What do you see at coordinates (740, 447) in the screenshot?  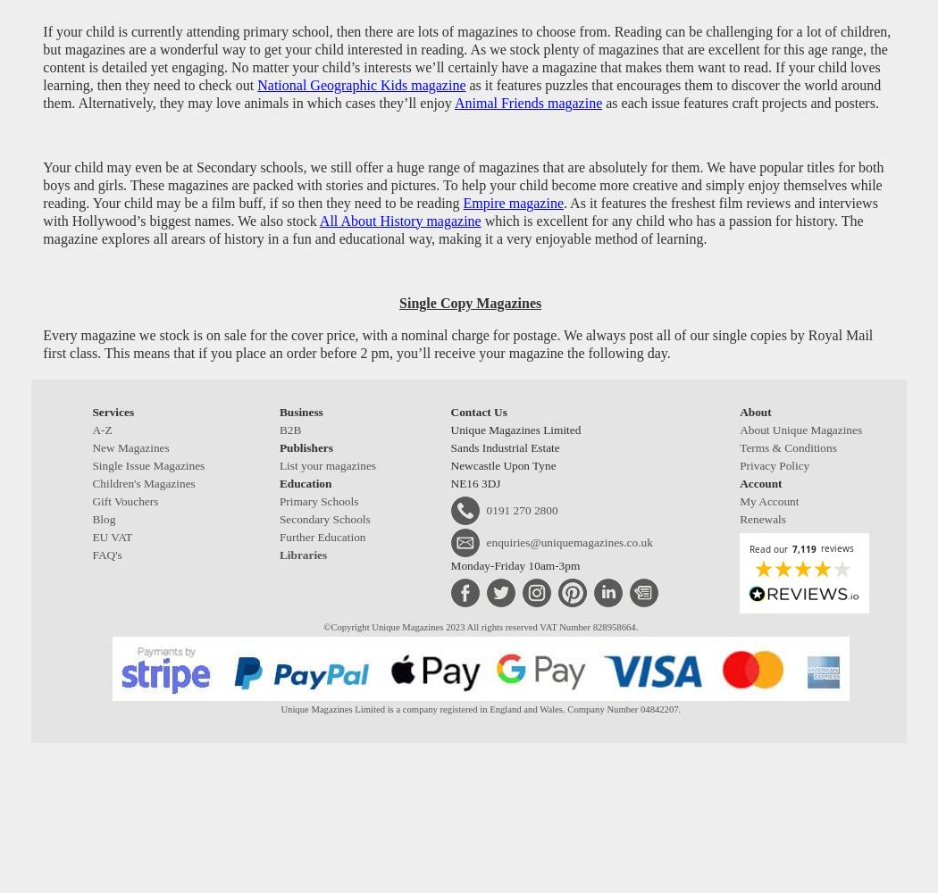 I see `'Terms & Conditions'` at bounding box center [740, 447].